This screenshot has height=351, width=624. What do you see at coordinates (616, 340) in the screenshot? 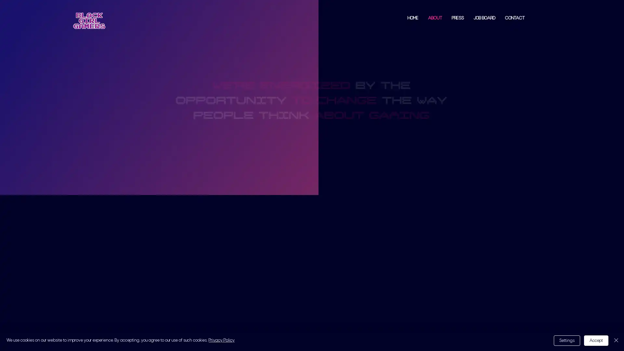
I see `Close` at bounding box center [616, 340].